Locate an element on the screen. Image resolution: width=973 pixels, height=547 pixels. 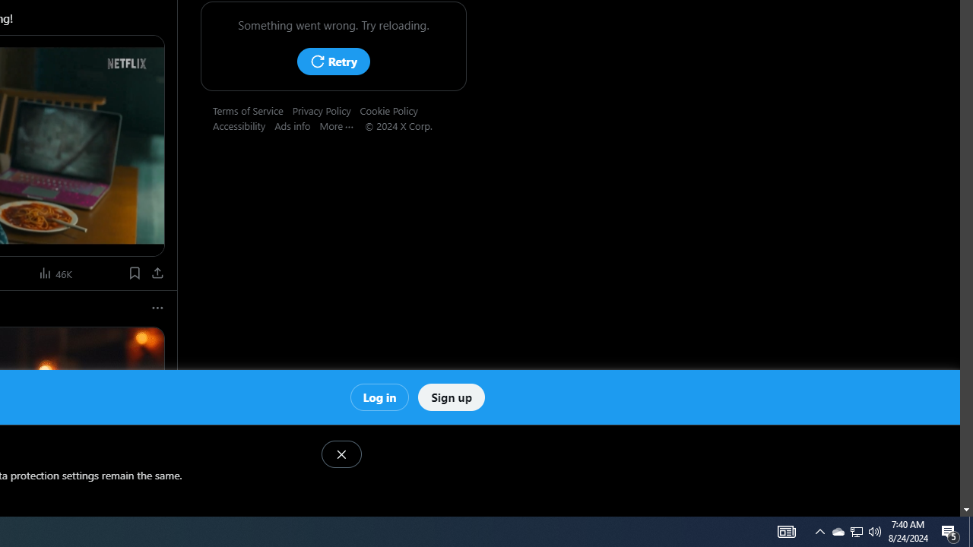
'Accessibility' is located at coordinates (244, 125).